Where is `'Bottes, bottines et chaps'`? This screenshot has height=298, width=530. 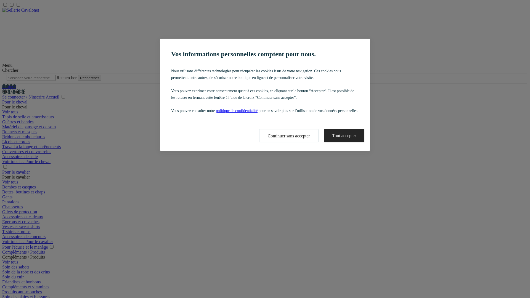 'Bottes, bottines et chaps' is located at coordinates (23, 191).